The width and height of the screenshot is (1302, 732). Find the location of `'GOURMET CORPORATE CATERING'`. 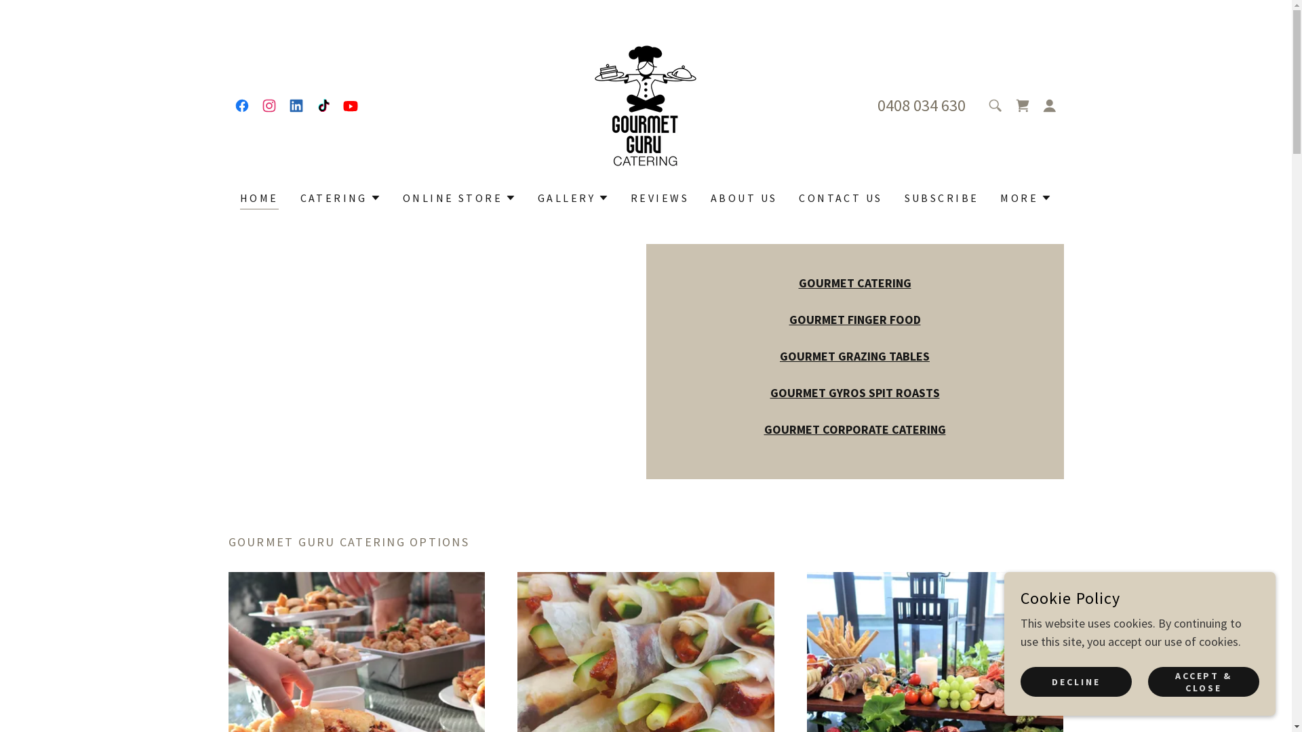

'GOURMET CORPORATE CATERING' is located at coordinates (764, 429).